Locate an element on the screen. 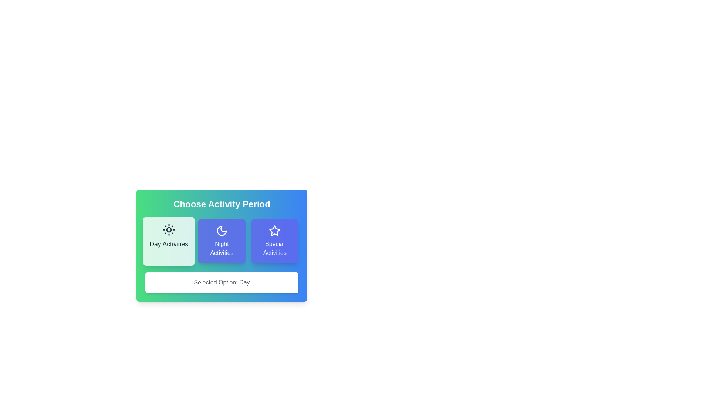  the button labeled 'Night Activities' located in the middle column of a three-column grid within a gradient green-to-blue background card is located at coordinates (222, 241).